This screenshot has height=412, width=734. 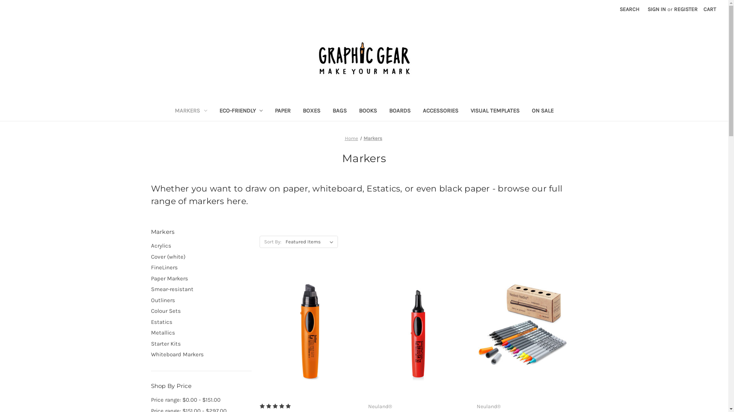 What do you see at coordinates (317, 58) in the screenshot?
I see `'Graphic Gear'` at bounding box center [317, 58].